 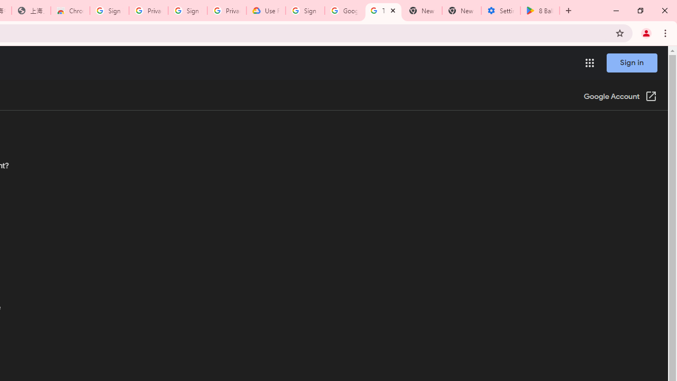 I want to click on 'Chrome Web Store - Color themes by Chrome', so click(x=70, y=11).